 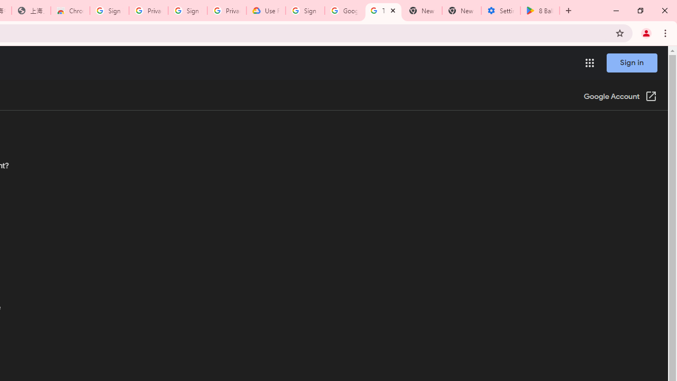 I want to click on 'Chrome Web Store - Color themes by Chrome', so click(x=70, y=11).